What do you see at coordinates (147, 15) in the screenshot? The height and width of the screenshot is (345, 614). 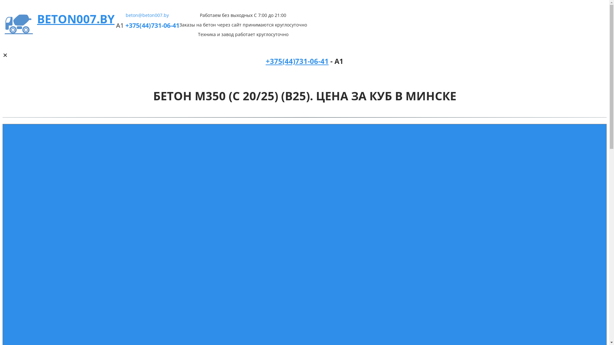 I see `'beton@beton007.by'` at bounding box center [147, 15].